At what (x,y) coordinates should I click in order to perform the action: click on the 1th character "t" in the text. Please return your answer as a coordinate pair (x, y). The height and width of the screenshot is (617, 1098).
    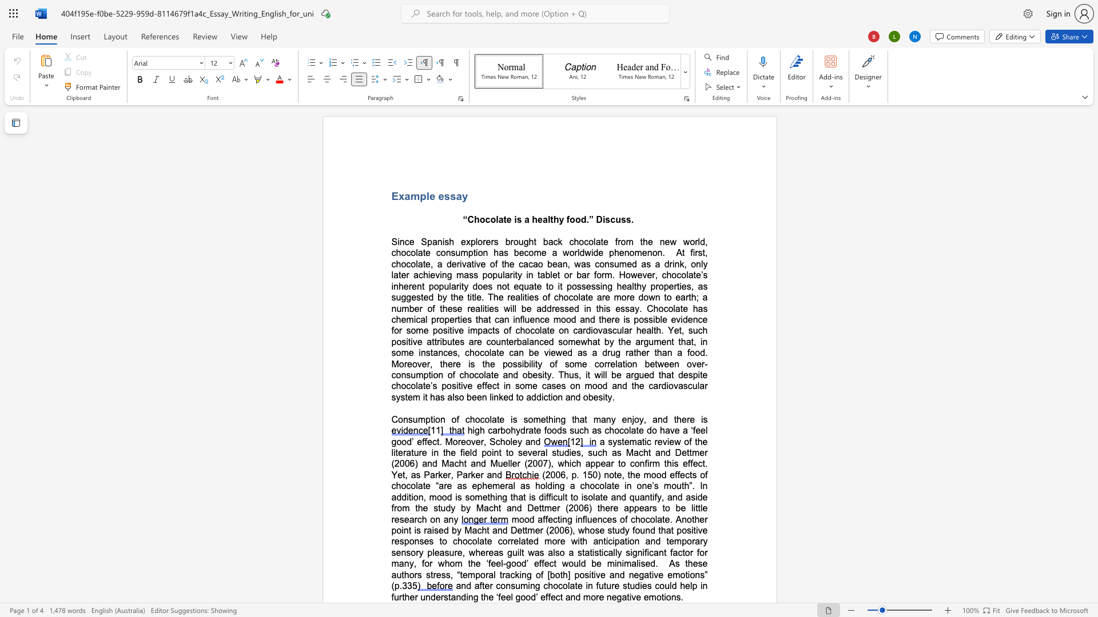
    Looking at the image, I should click on (598, 341).